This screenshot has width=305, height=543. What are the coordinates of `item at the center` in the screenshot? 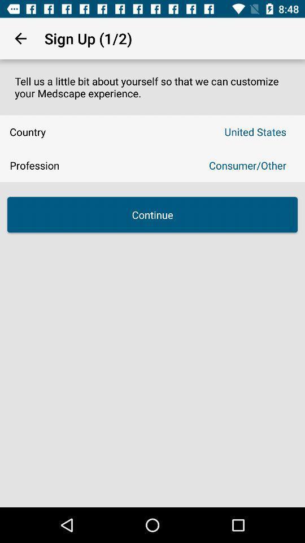 It's located at (152, 214).